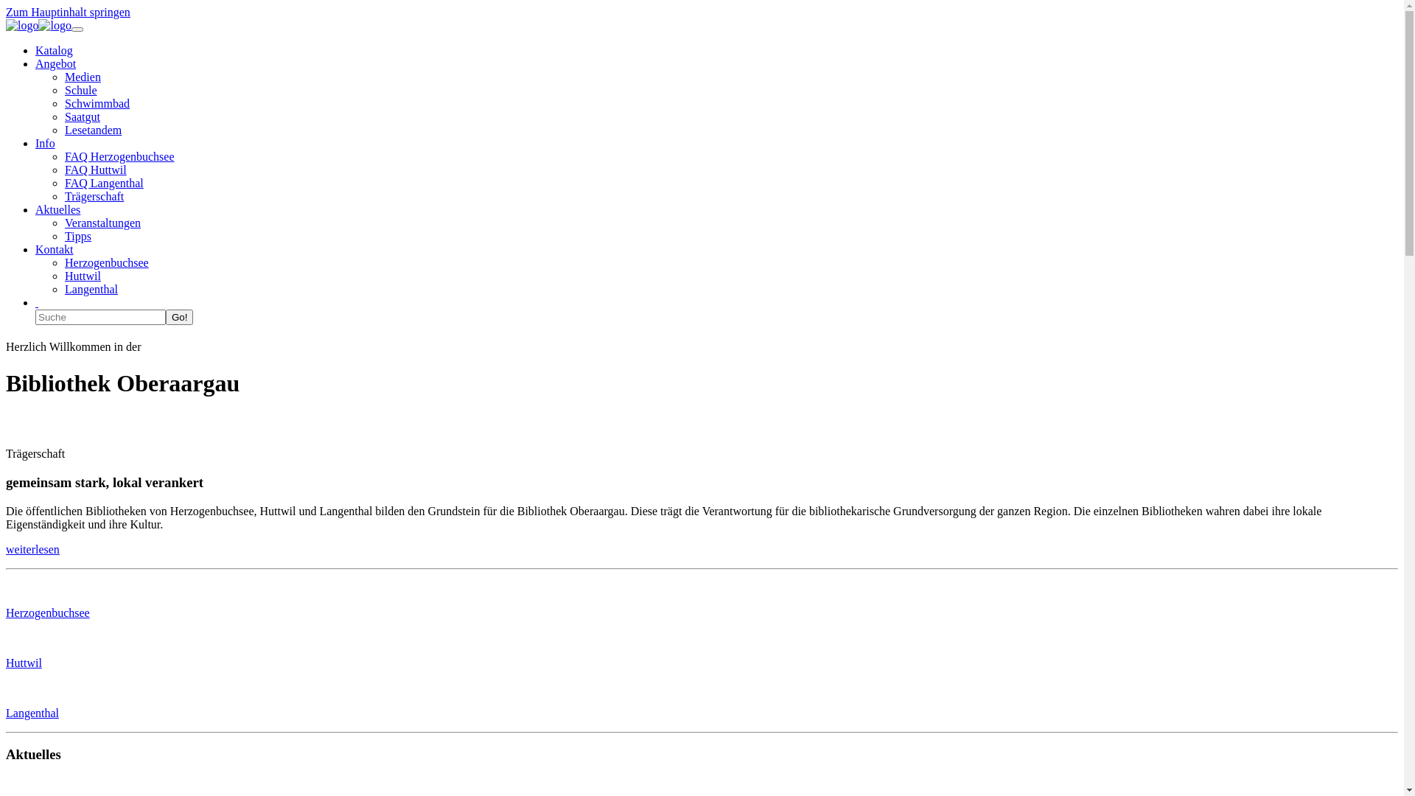 This screenshot has height=796, width=1415. I want to click on 'Herzogenbuchsee', so click(48, 612).